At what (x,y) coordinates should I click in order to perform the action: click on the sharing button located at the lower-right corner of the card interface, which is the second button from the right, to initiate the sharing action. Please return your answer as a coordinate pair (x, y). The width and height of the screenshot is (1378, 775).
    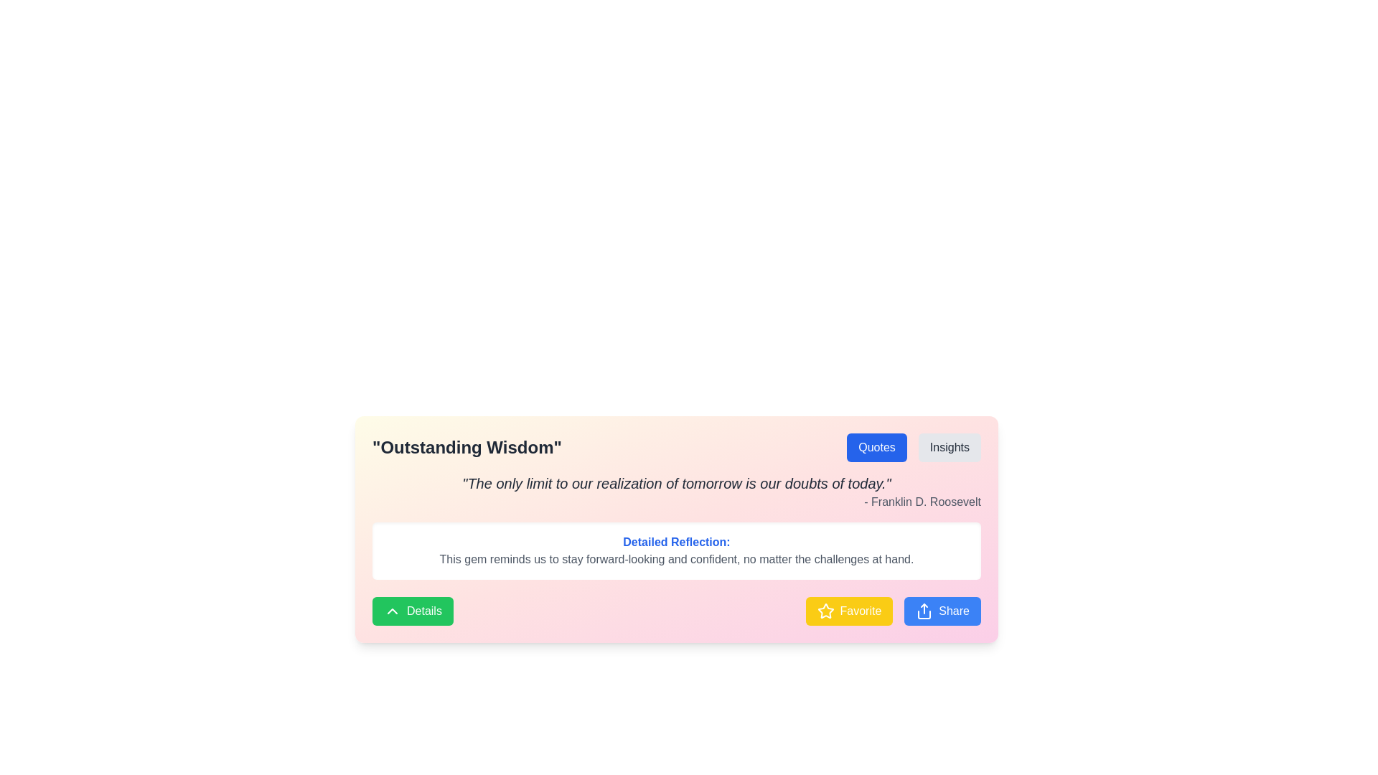
    Looking at the image, I should click on (942, 611).